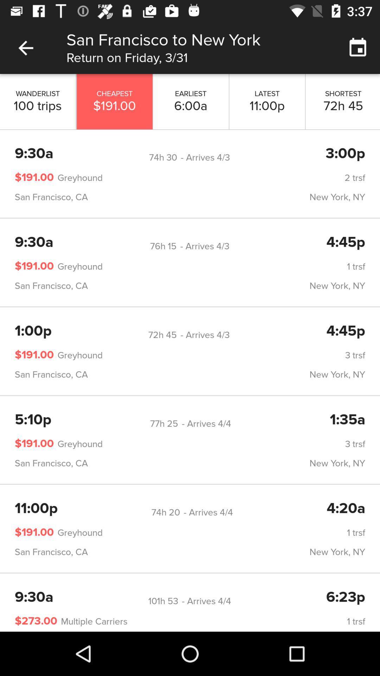 The width and height of the screenshot is (380, 676). I want to click on icon next to the $273.00 icon, so click(92, 621).